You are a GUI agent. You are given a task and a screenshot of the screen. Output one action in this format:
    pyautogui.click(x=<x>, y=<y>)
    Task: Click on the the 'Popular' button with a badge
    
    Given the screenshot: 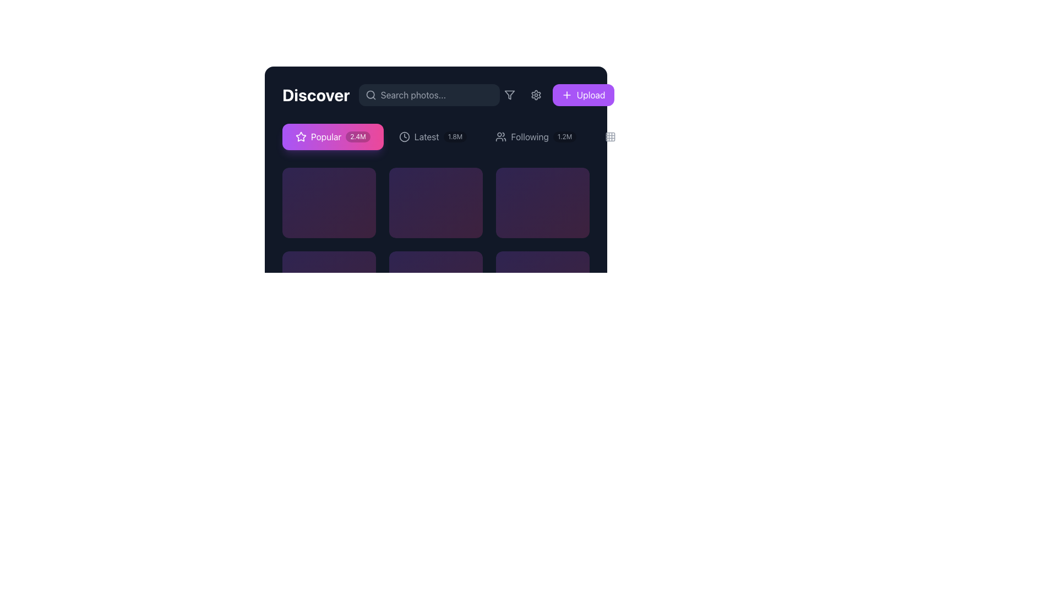 What is the action you would take?
    pyautogui.click(x=332, y=136)
    